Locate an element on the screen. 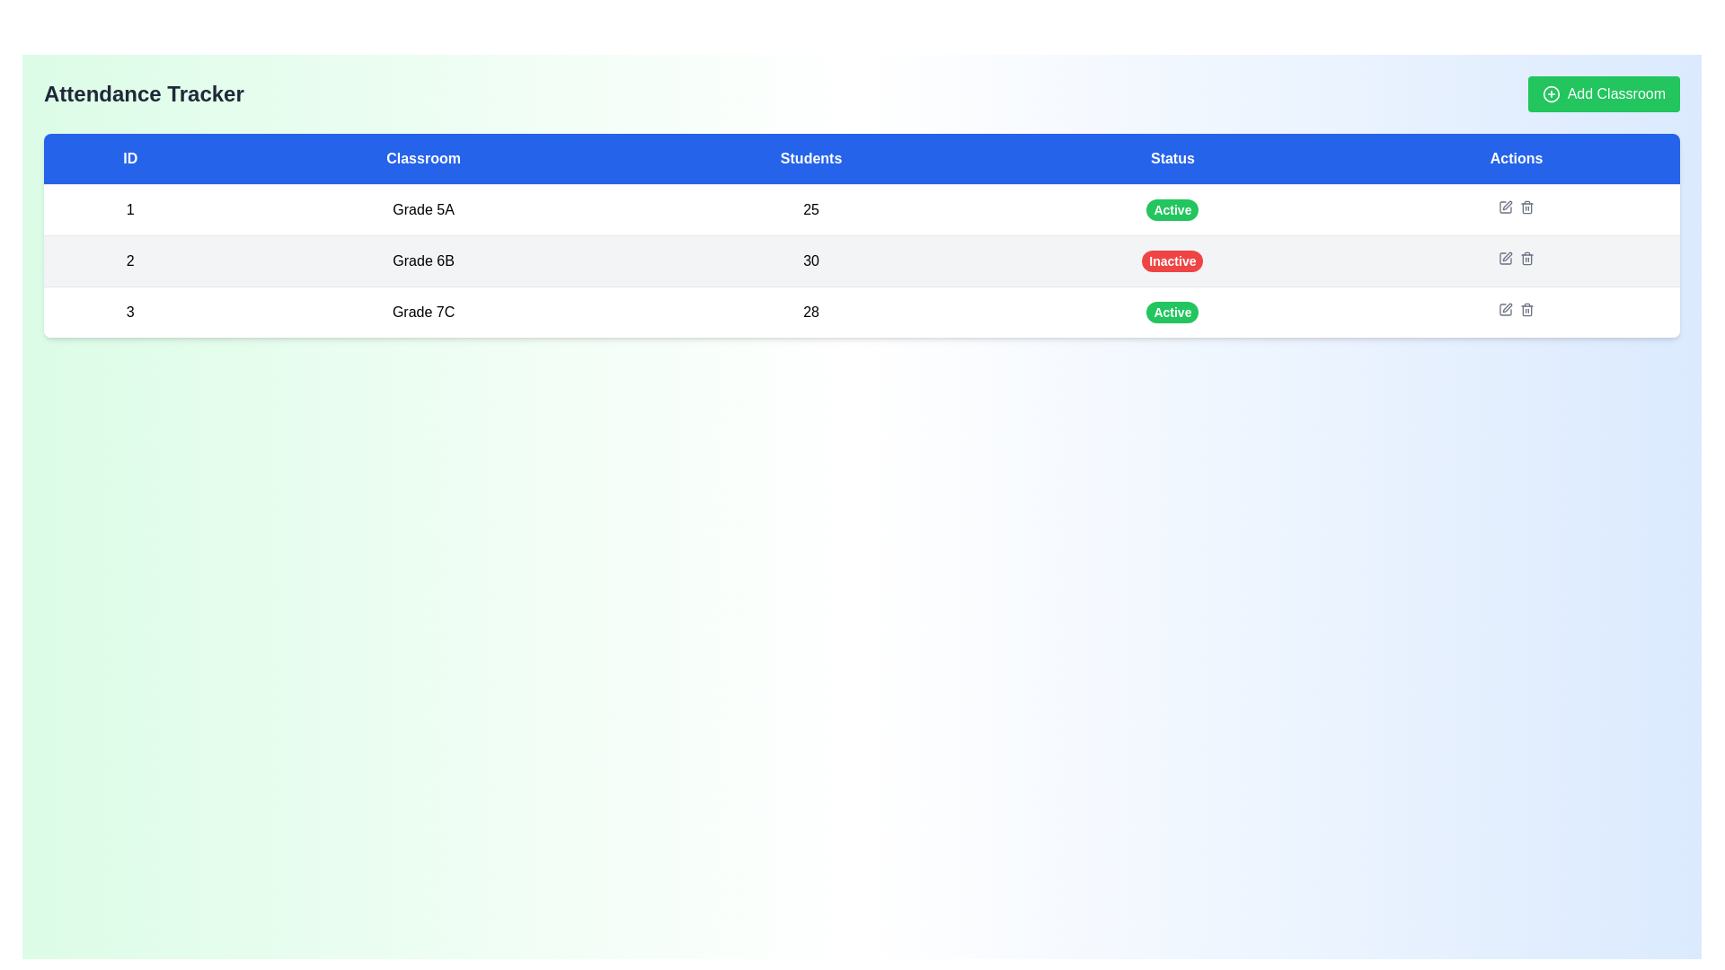 The height and width of the screenshot is (970, 1725). text in the fourth table header cell indicating the status of items, positioned between the 'Students' and 'Actions' headers is located at coordinates (1172, 158).